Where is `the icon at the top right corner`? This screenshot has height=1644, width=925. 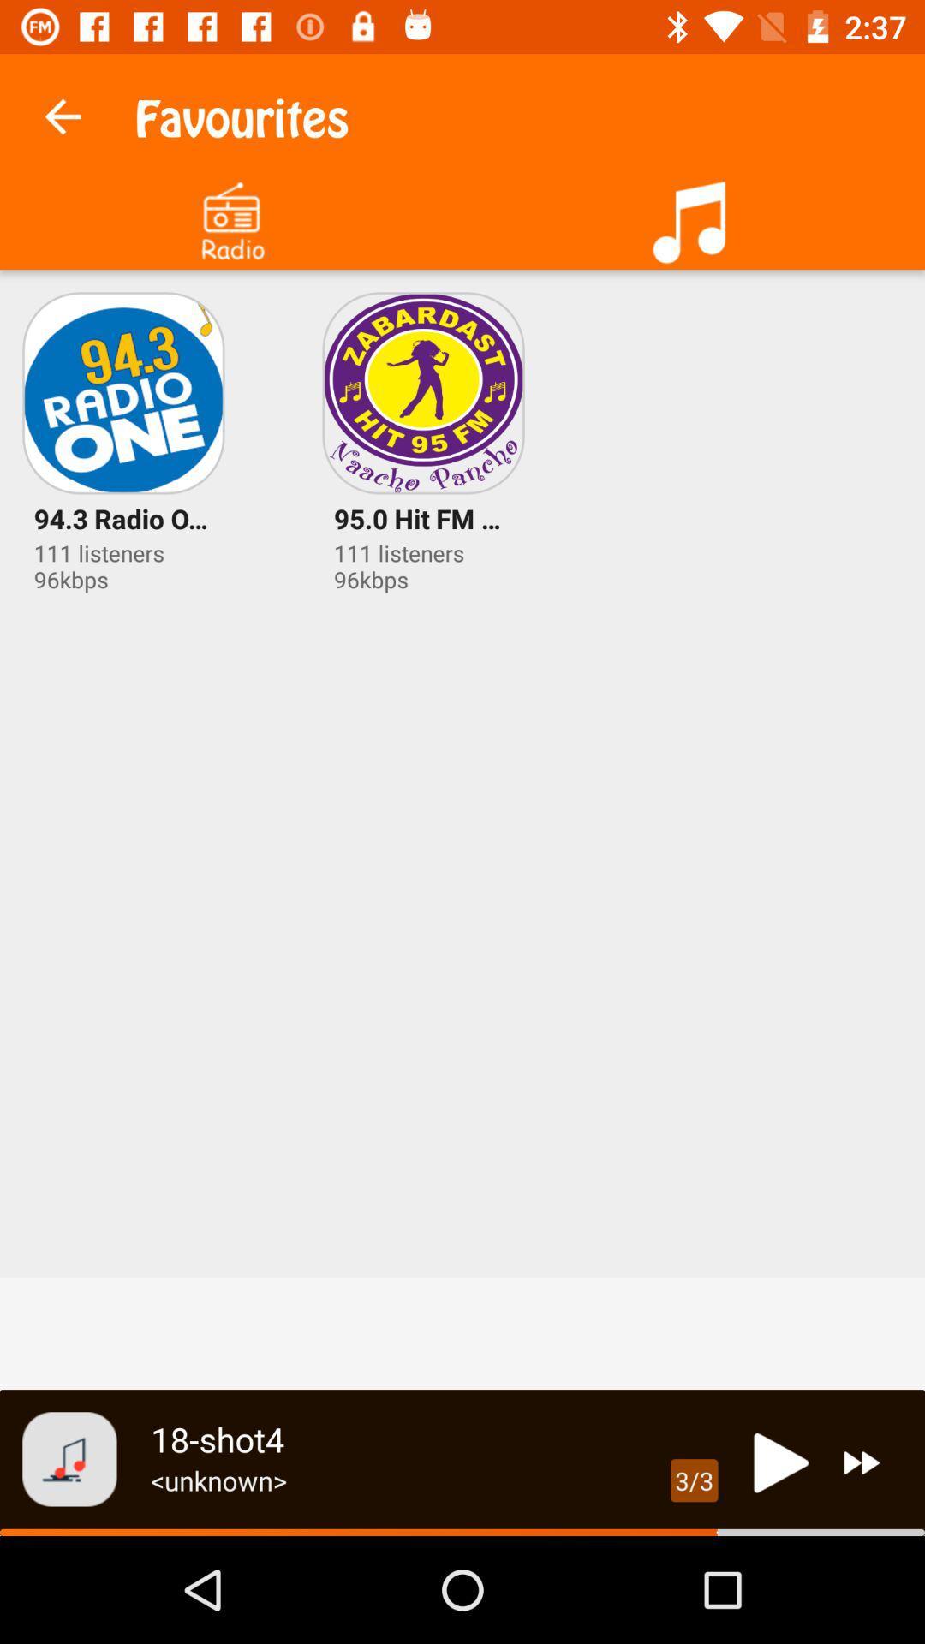
the icon at the top right corner is located at coordinates (694, 215).